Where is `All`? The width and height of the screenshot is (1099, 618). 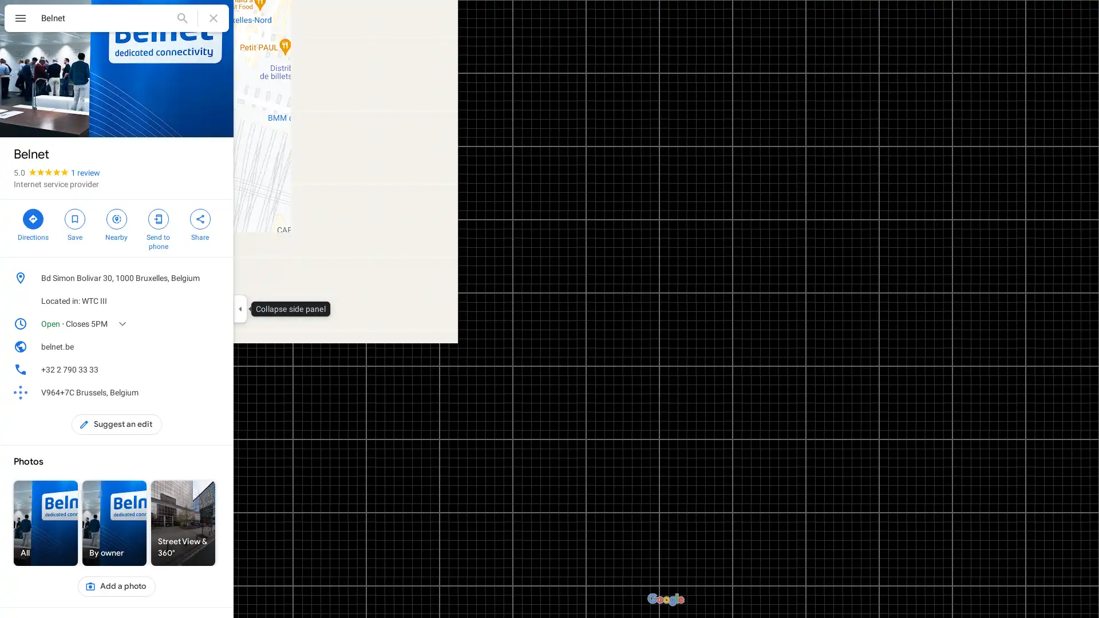 All is located at coordinates (46, 523).